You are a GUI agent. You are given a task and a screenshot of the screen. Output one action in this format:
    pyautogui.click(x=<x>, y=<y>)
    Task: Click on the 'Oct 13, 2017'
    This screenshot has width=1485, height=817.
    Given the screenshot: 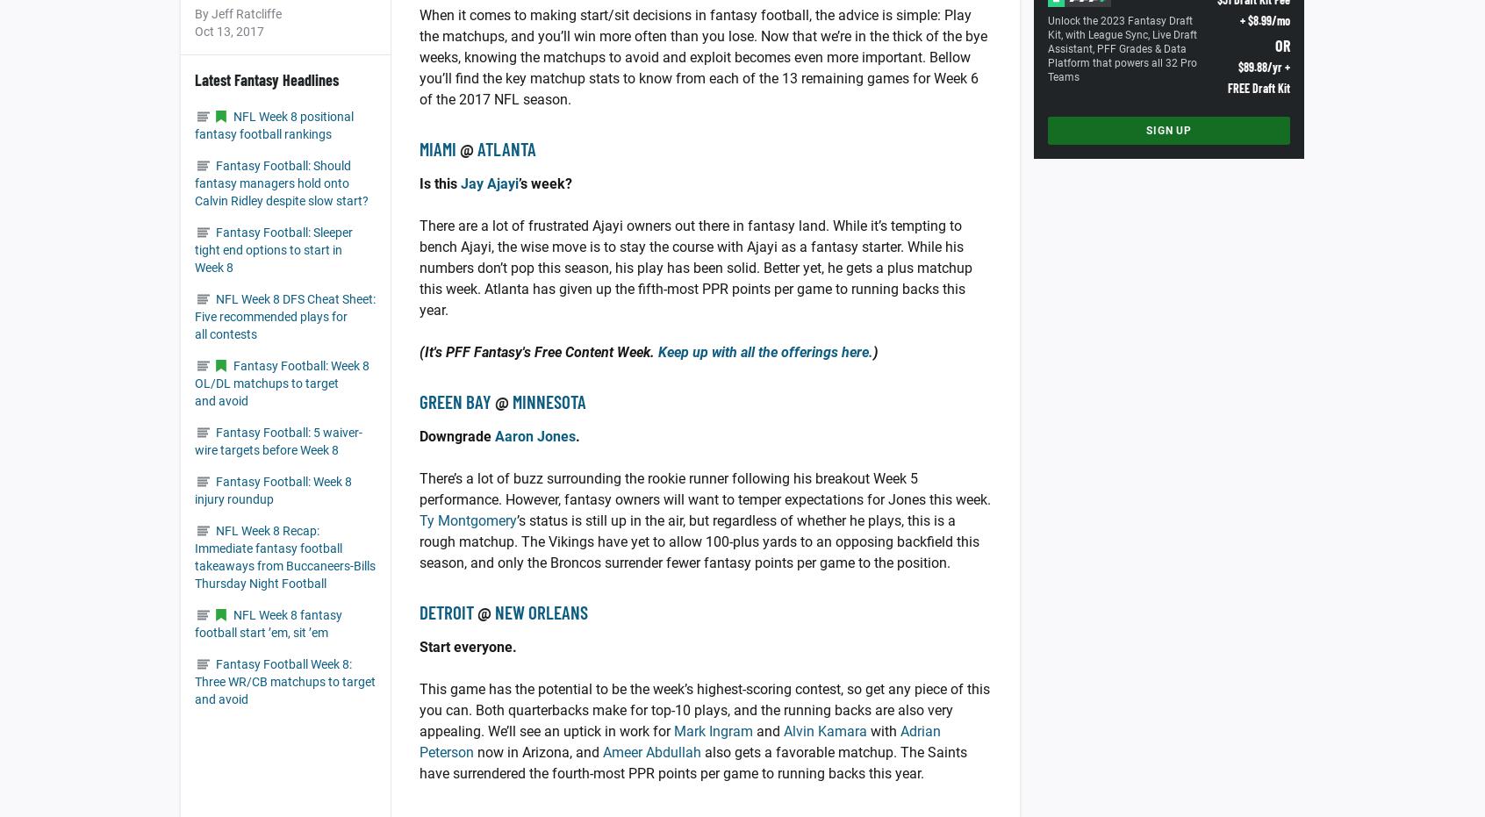 What is the action you would take?
    pyautogui.click(x=229, y=31)
    